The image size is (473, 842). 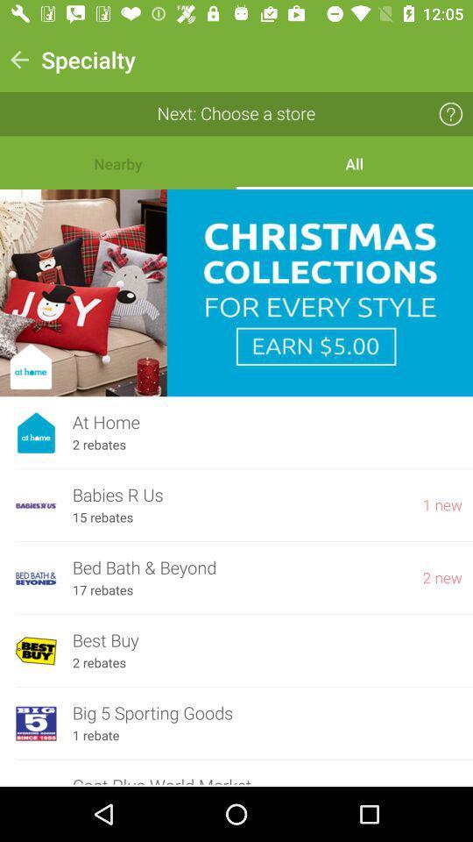 What do you see at coordinates (102, 590) in the screenshot?
I see `the icon to the left of the 2 new icon` at bounding box center [102, 590].